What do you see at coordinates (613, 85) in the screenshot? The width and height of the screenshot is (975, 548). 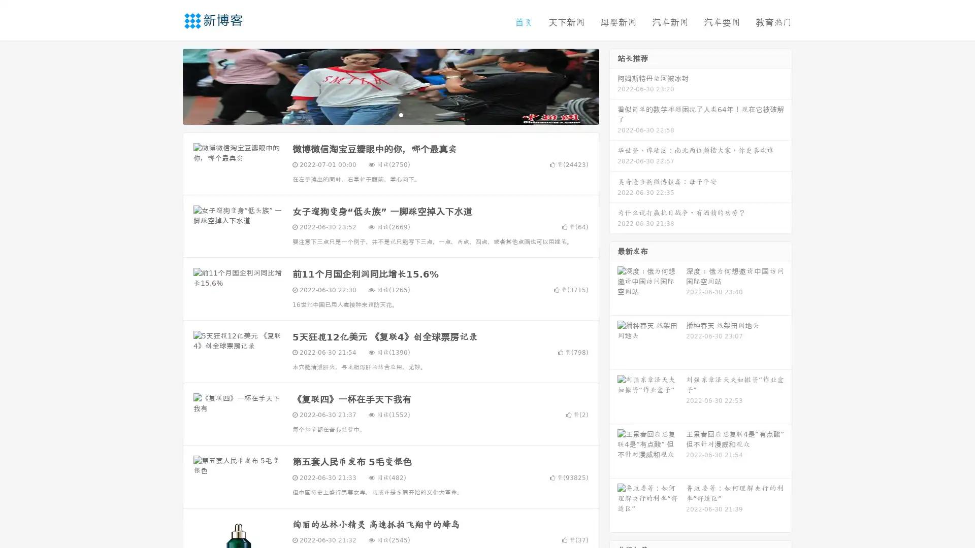 I see `Next slide` at bounding box center [613, 85].